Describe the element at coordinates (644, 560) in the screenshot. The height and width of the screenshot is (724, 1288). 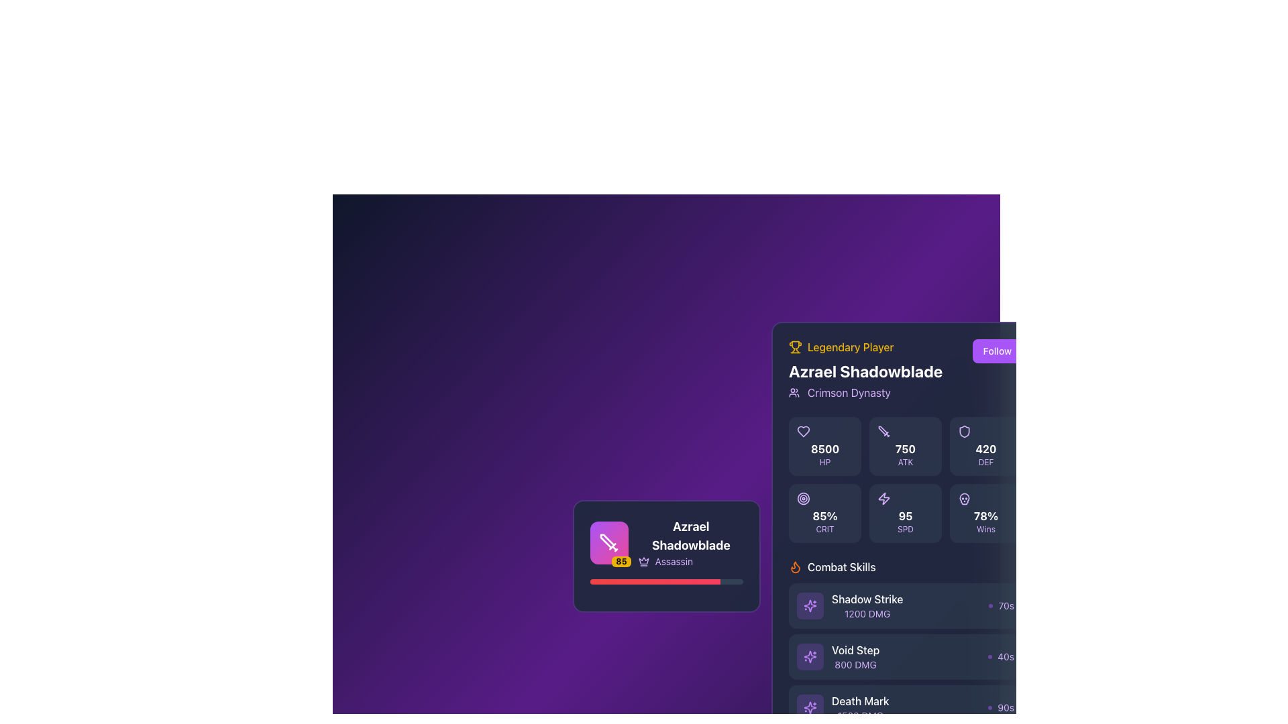
I see `the crown icon representing rank or achievement on the character card, located within the purple square icon on the left side of the interface` at that location.